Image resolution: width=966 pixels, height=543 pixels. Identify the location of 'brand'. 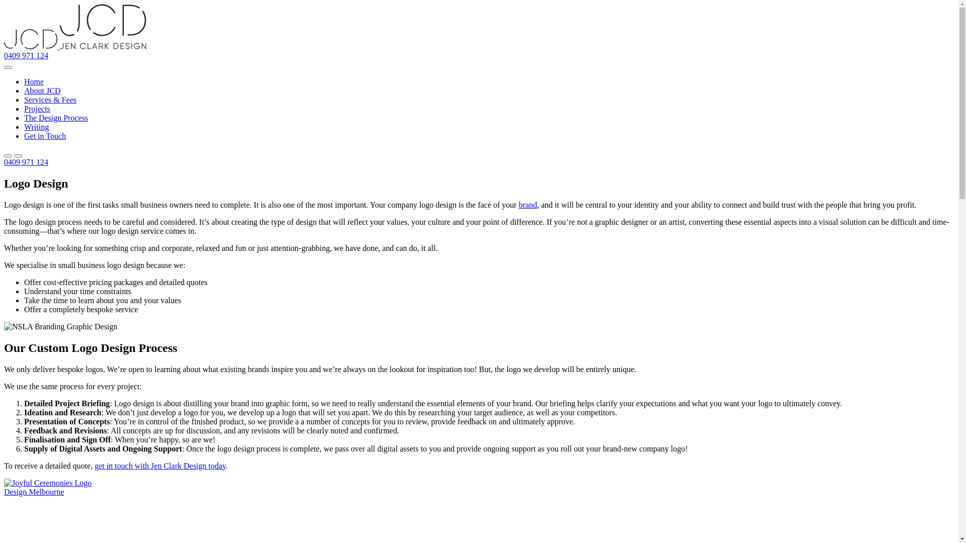
(527, 204).